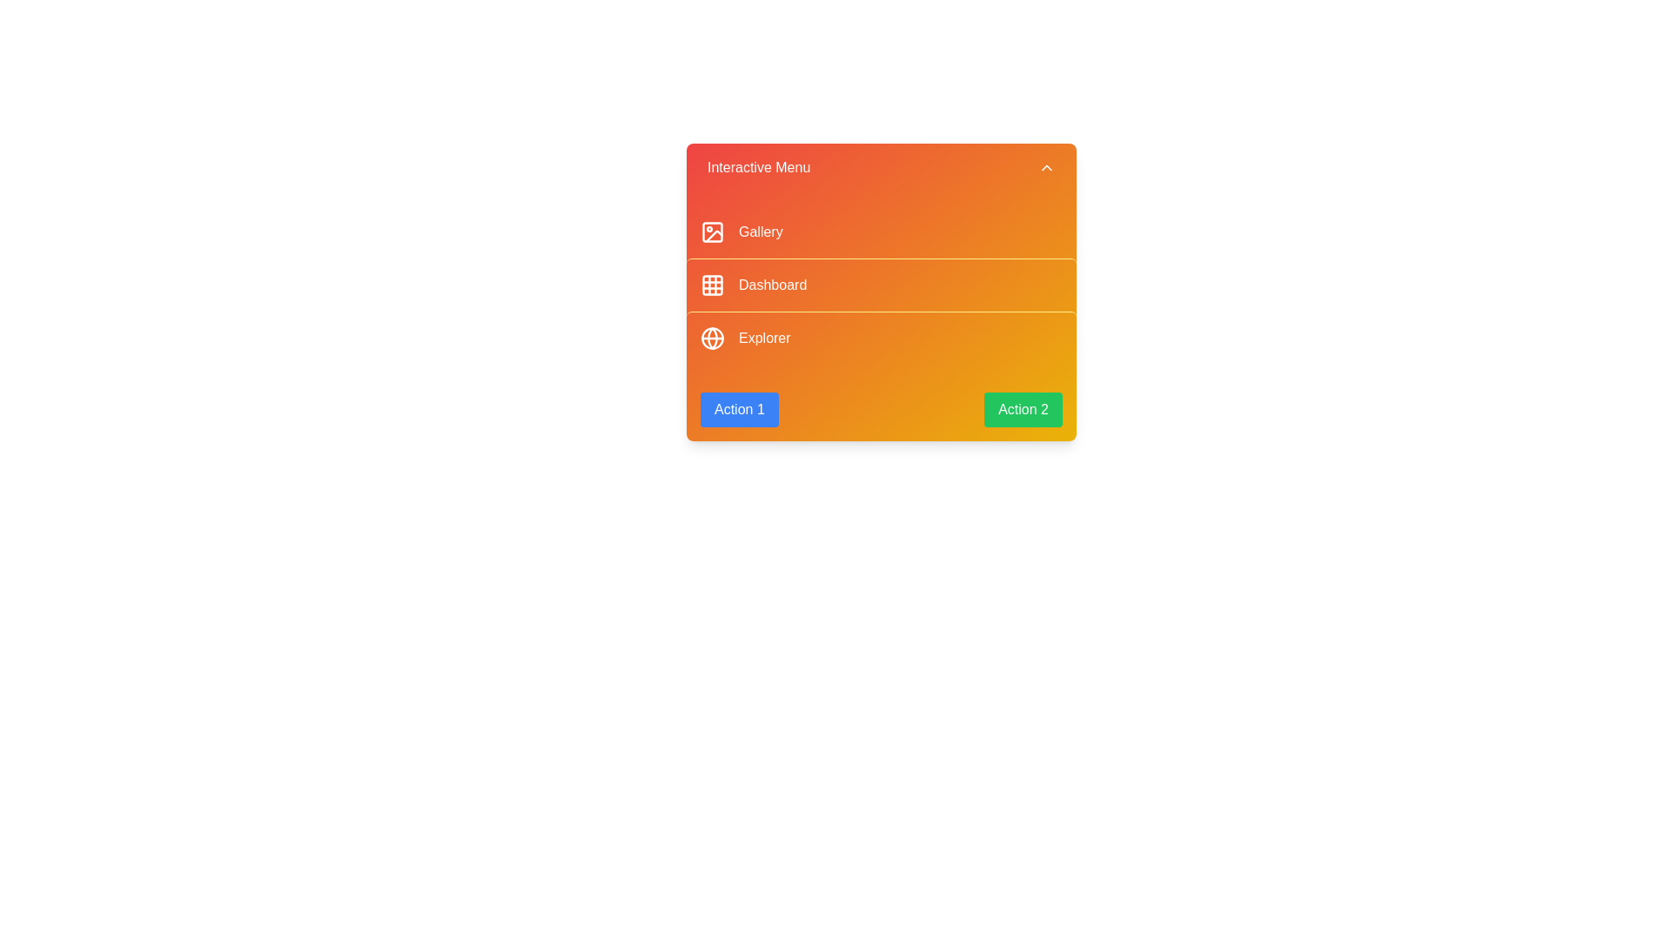 Image resolution: width=1671 pixels, height=940 pixels. Describe the element at coordinates (881, 284) in the screenshot. I see `the menu item corresponding to Dashboard` at that location.